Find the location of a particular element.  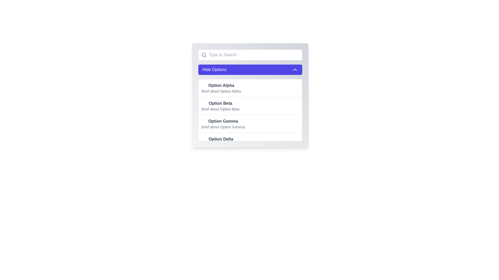

the Menu Item titled 'Option Alpha' which is the first item under the 'Hide Options' section is located at coordinates (250, 88).